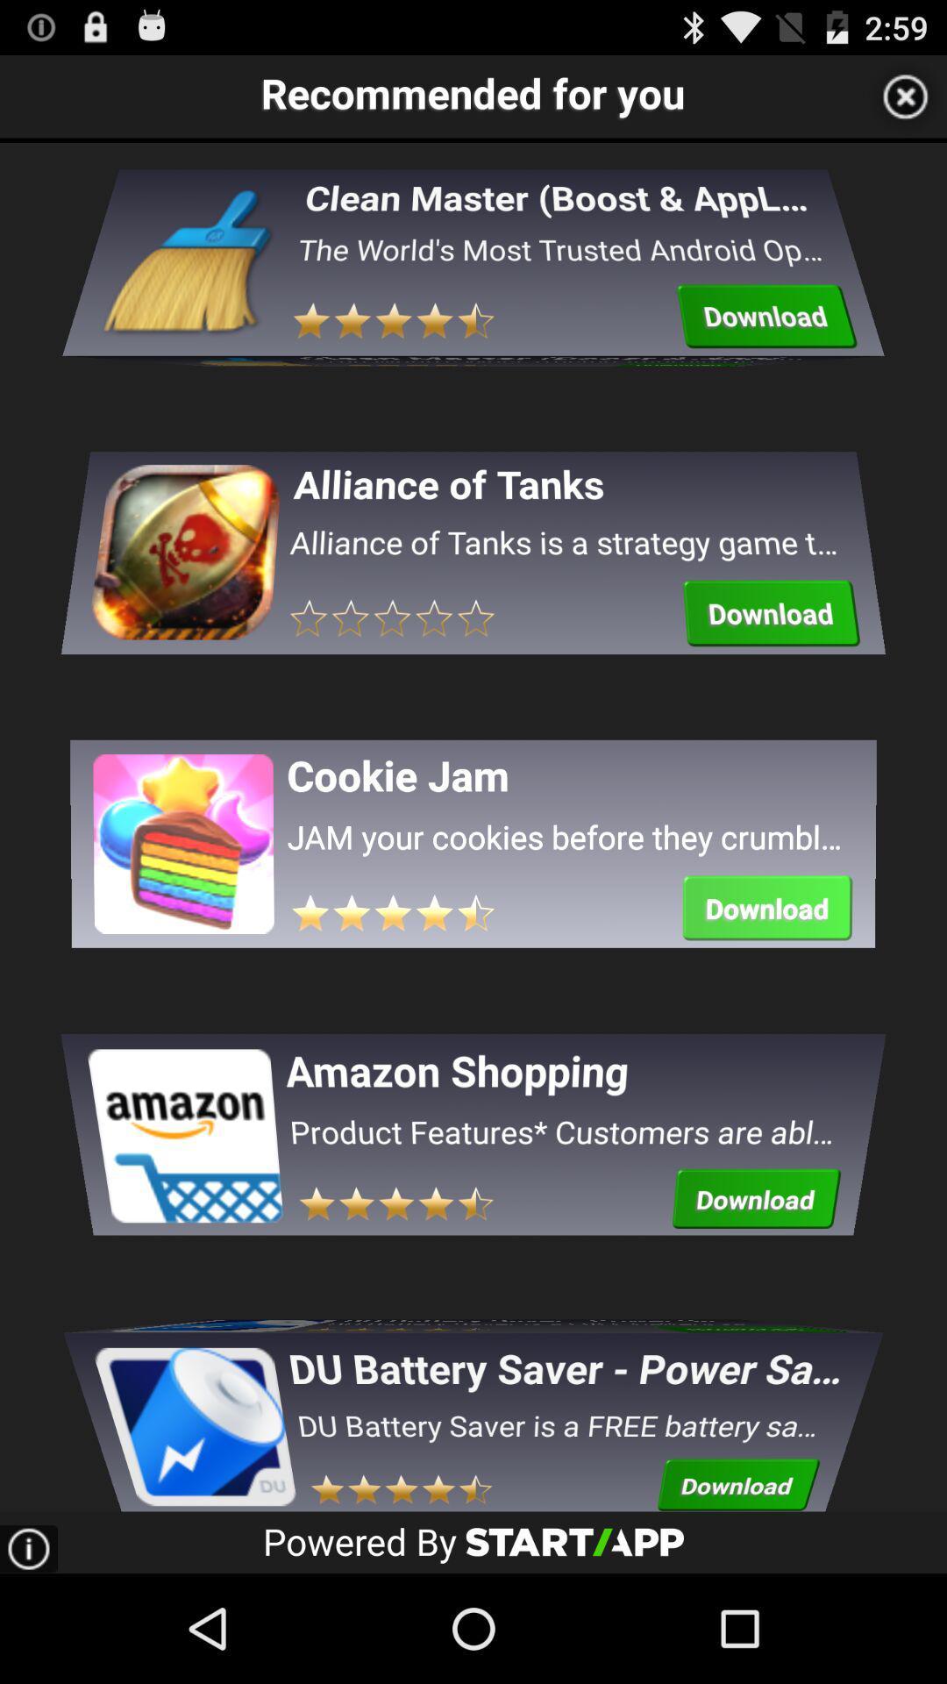 This screenshot has width=947, height=1684. Describe the element at coordinates (905, 103) in the screenshot. I see `the close icon` at that location.